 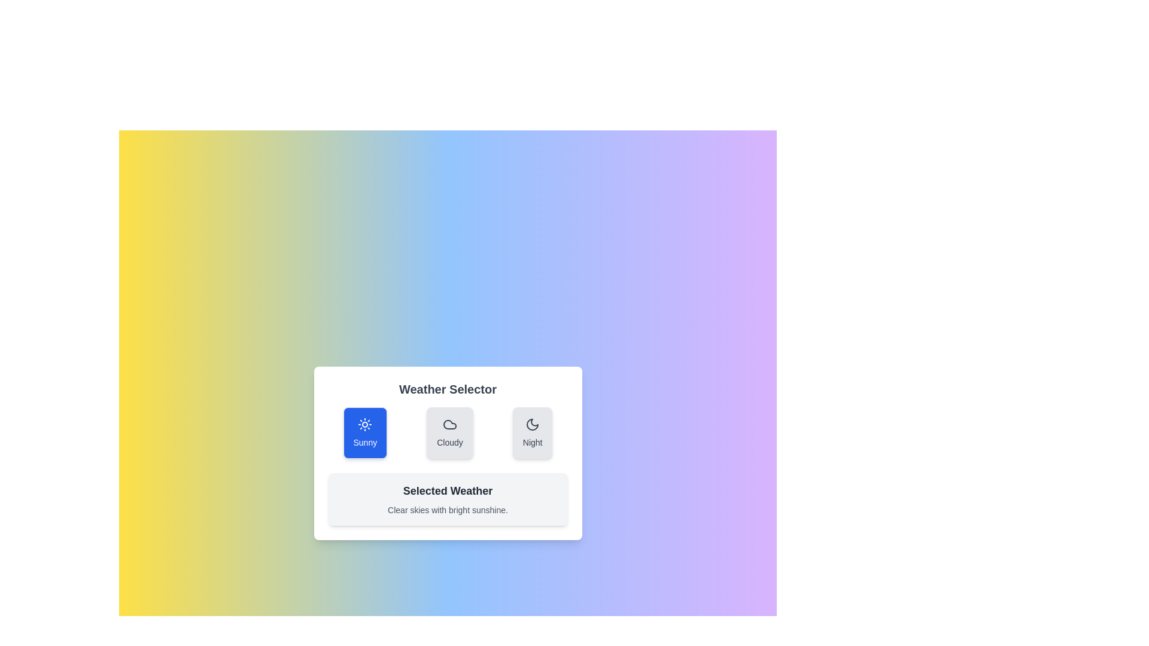 What do you see at coordinates (532, 433) in the screenshot?
I see `the 'Night' button with a light gray background and a black crescent moon icon` at bounding box center [532, 433].